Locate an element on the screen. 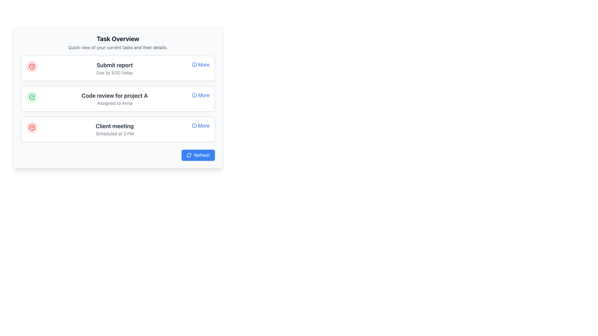 The width and height of the screenshot is (598, 336). the circular button with a light red background and a red checkmark icon, which is positioned to the left of the 'Client meeting' text is located at coordinates (31, 127).